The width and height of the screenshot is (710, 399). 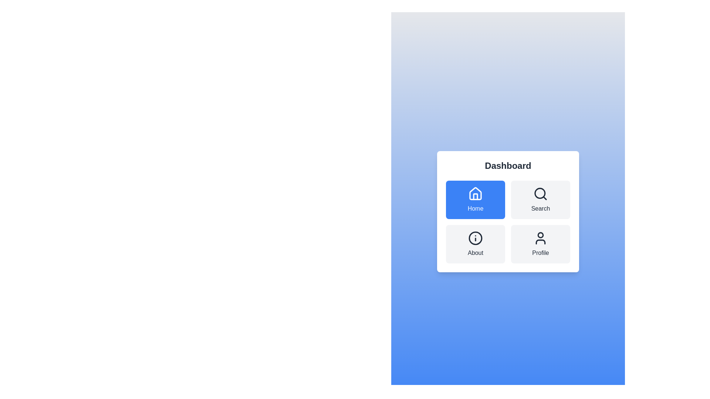 What do you see at coordinates (476, 238) in the screenshot?
I see `the information/help icon located in the 'About' section at the bottom-left quadrant of the main grid` at bounding box center [476, 238].